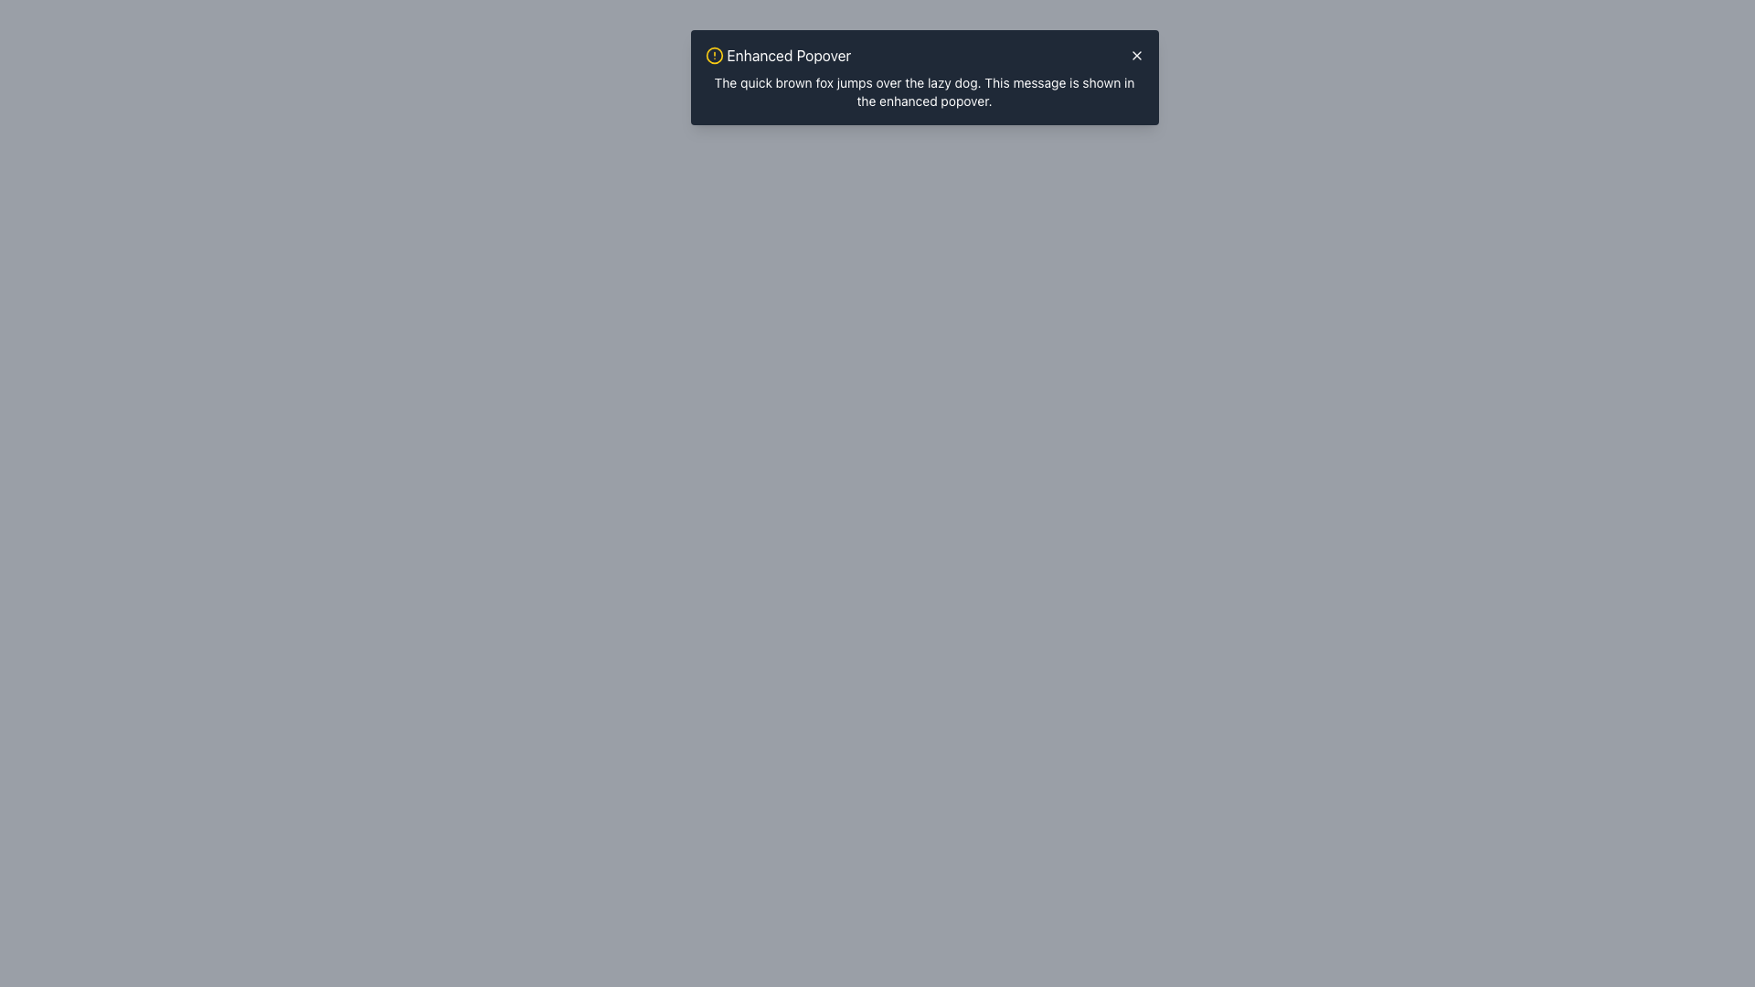 This screenshot has height=987, width=1755. What do you see at coordinates (713, 55) in the screenshot?
I see `the SVG circle element that represents the alert icon in the 'Enhanced Popover' pop-up box` at bounding box center [713, 55].